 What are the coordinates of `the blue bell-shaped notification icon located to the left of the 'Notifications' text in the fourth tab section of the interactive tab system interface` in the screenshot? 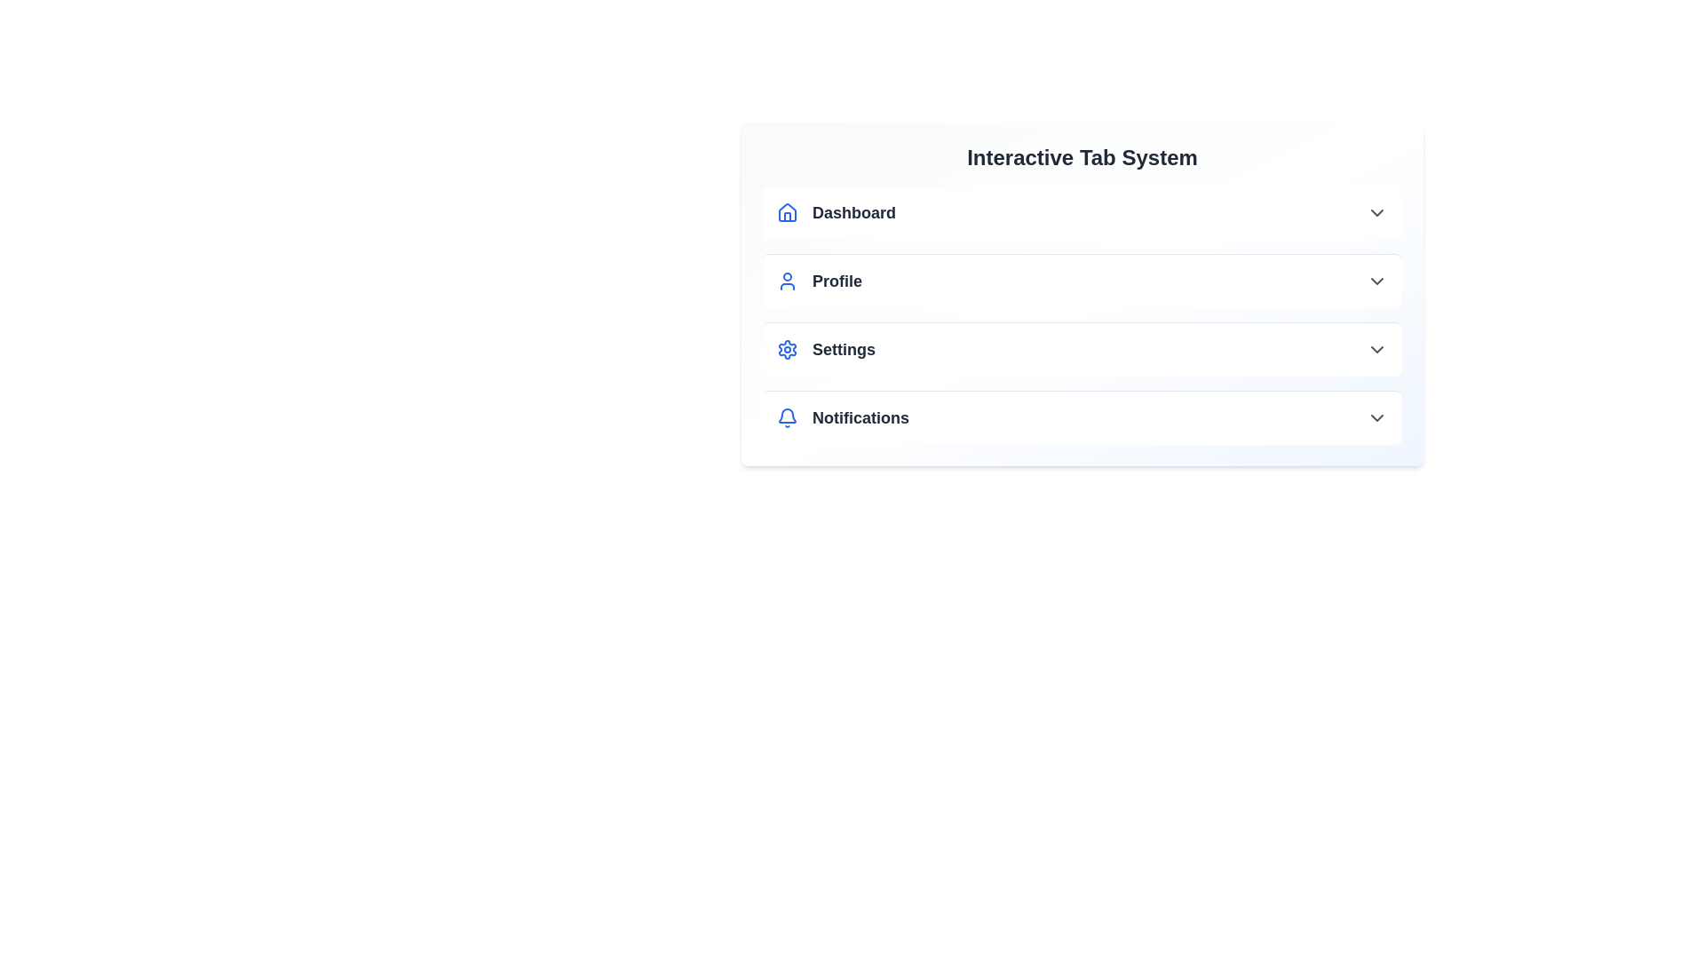 It's located at (787, 417).